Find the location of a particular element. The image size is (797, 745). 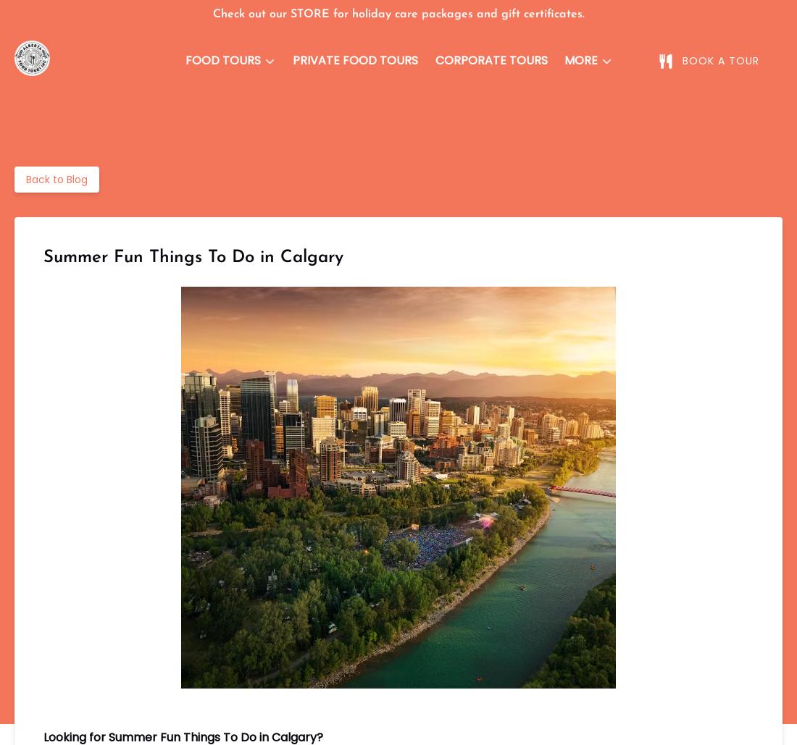

'More' is located at coordinates (581, 72).